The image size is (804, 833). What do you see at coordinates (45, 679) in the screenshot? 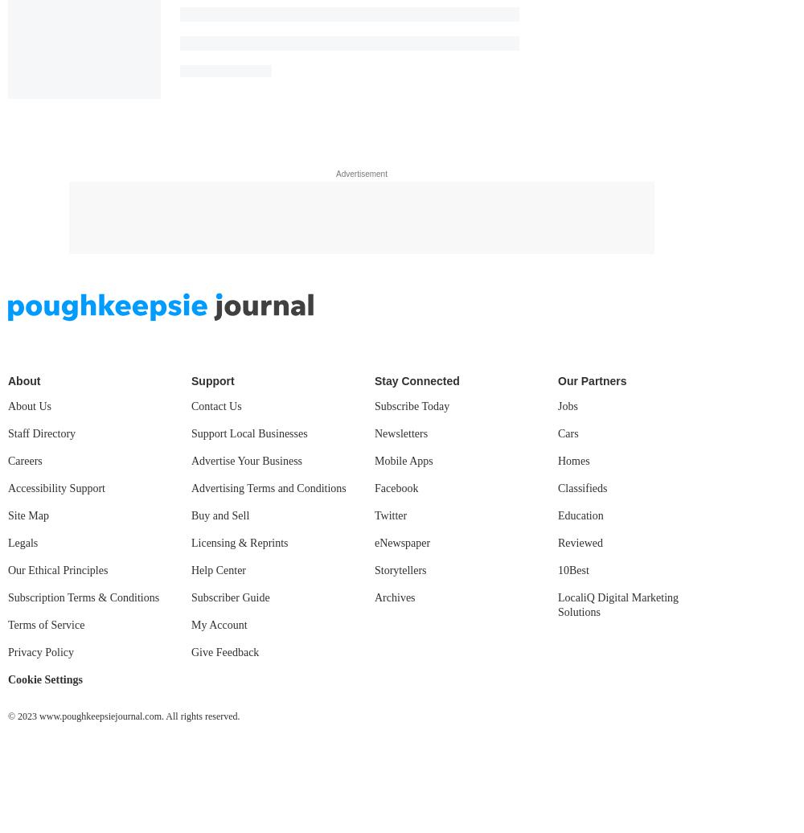
I see `'Cookie Settings'` at bounding box center [45, 679].